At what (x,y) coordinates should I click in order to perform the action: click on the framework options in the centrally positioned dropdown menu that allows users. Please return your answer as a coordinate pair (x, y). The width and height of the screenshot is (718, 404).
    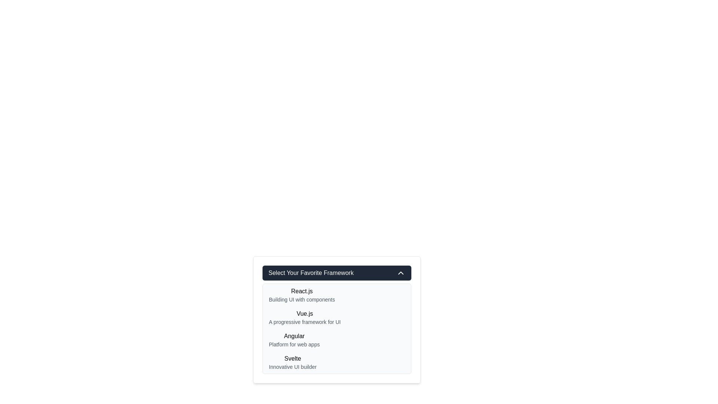
    Looking at the image, I should click on (337, 320).